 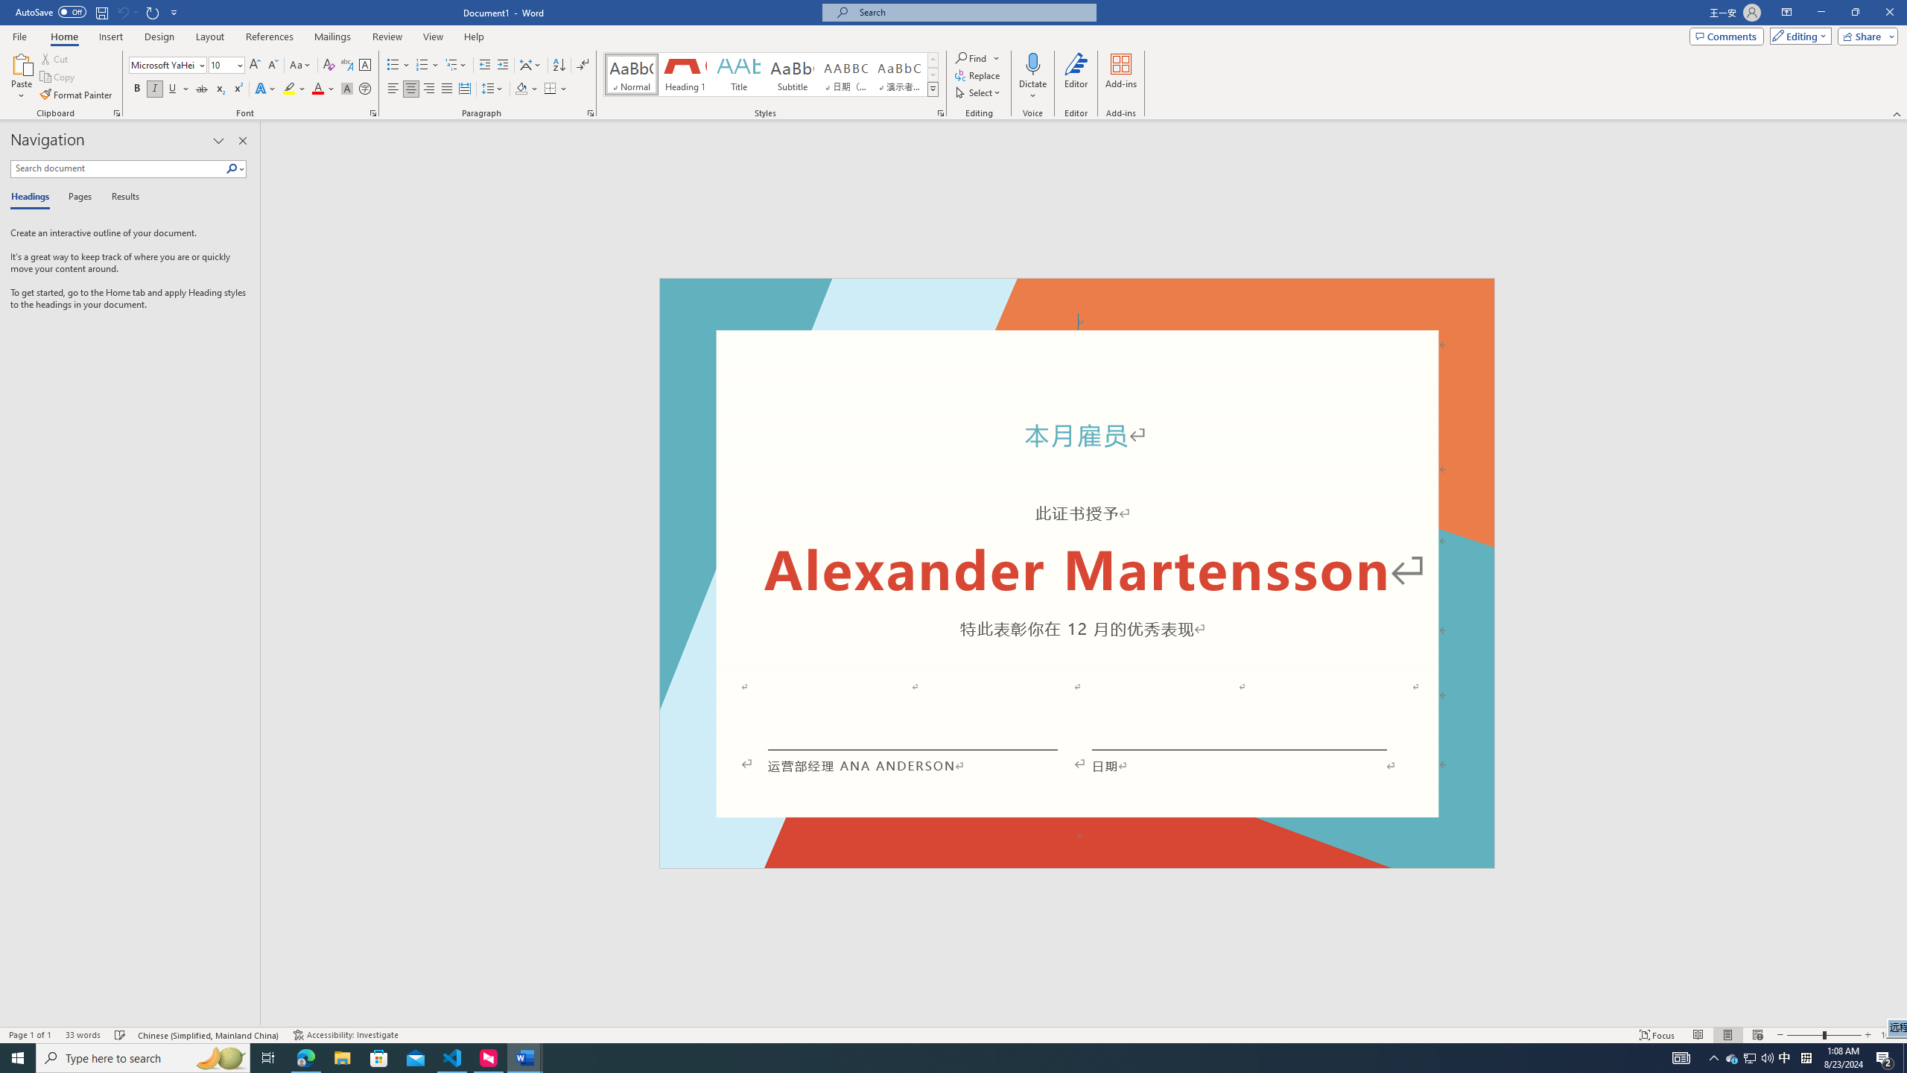 I want to click on 'Font Color Red', so click(x=317, y=88).